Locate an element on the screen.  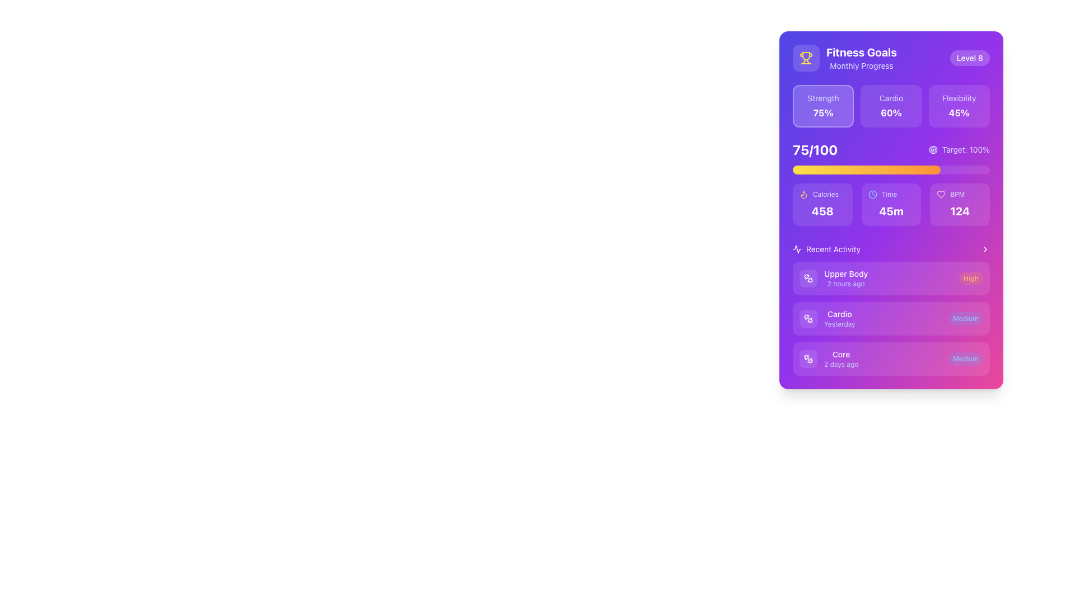
the 'Upper Body' text label, which is the first line in the 'Recent Activity' list, styled in white color and aligned above the '2 hours ago' timestamp is located at coordinates (846, 273).